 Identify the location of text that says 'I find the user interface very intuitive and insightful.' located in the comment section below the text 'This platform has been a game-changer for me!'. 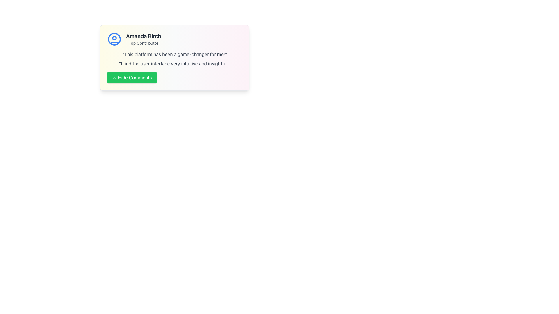
(174, 64).